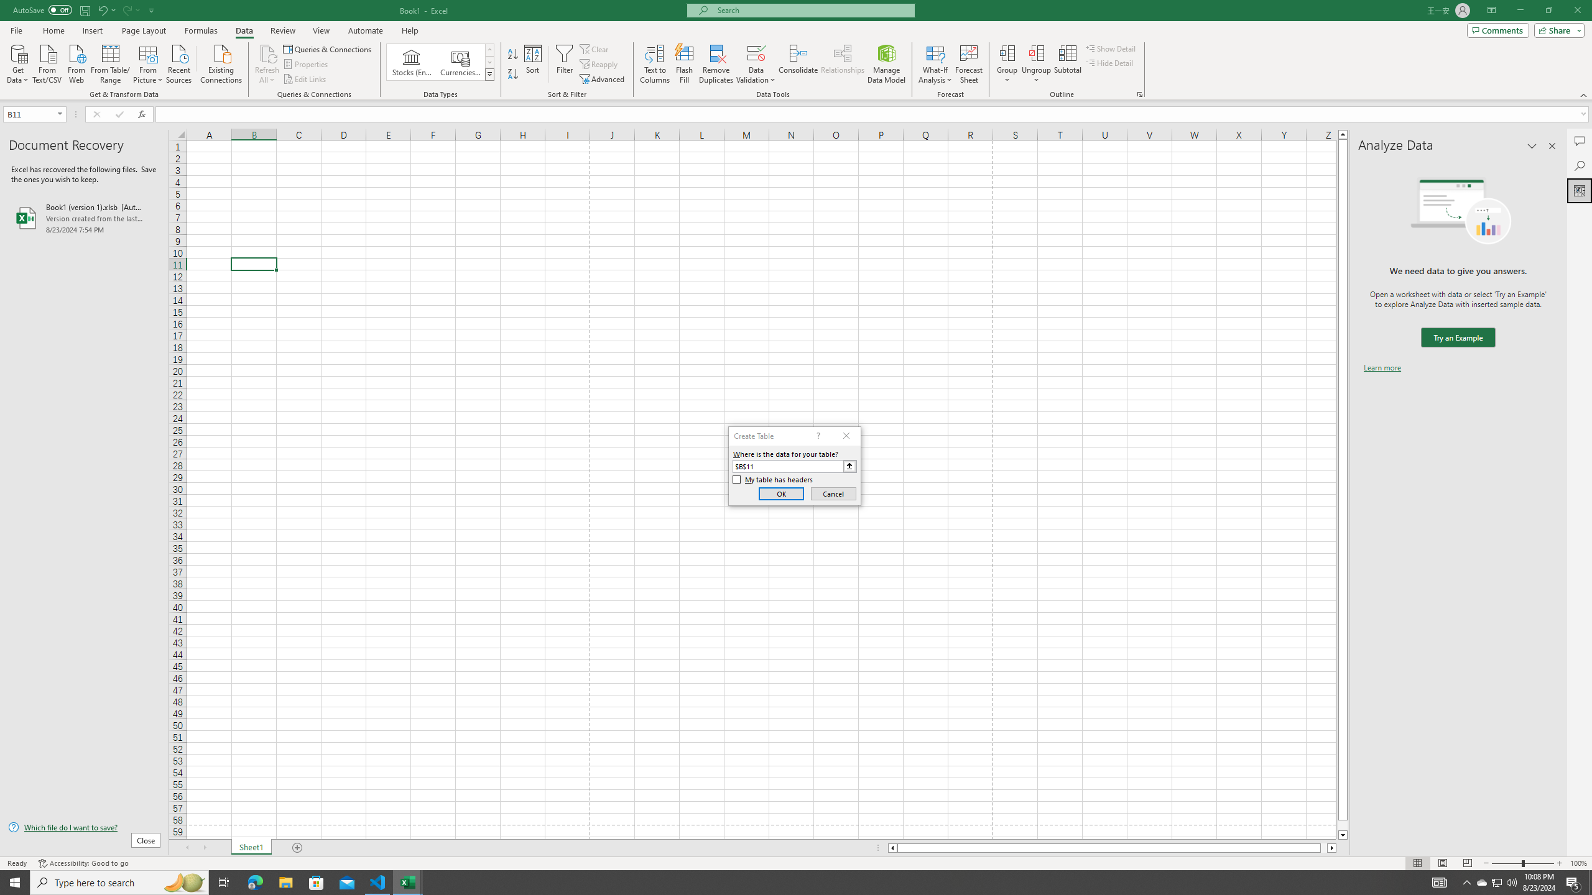 This screenshot has height=895, width=1592. Describe the element at coordinates (17, 62) in the screenshot. I see `'Get Data'` at that location.